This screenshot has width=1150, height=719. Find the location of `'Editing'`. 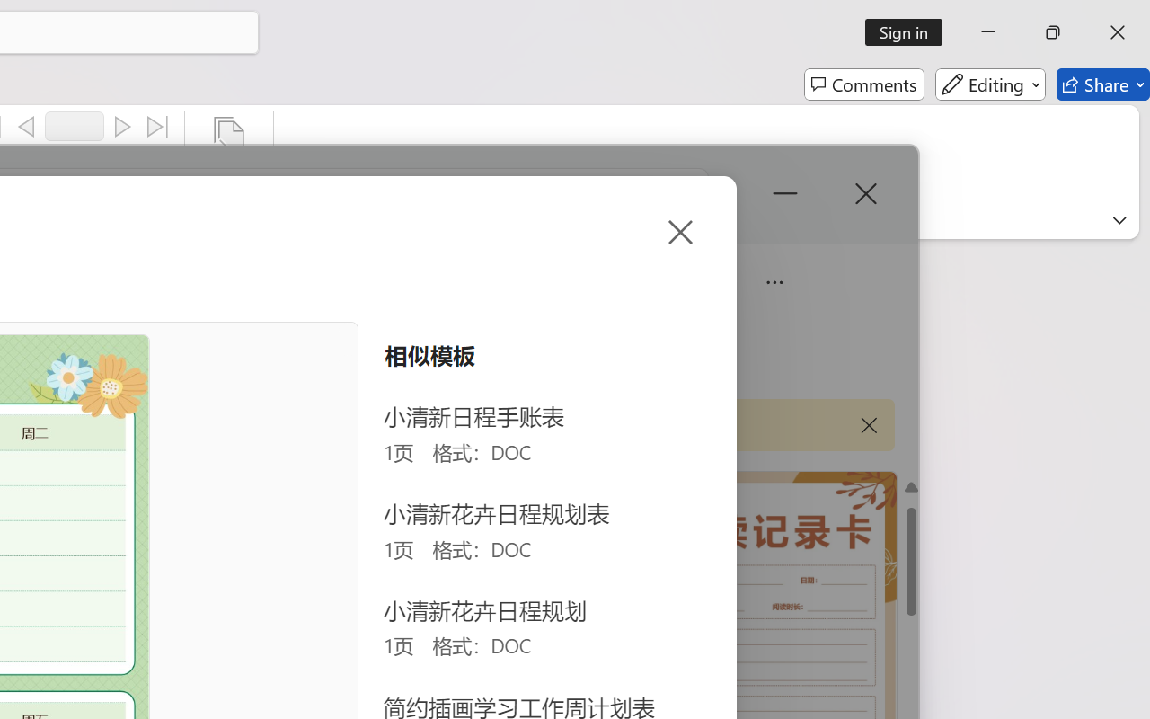

'Editing' is located at coordinates (989, 84).